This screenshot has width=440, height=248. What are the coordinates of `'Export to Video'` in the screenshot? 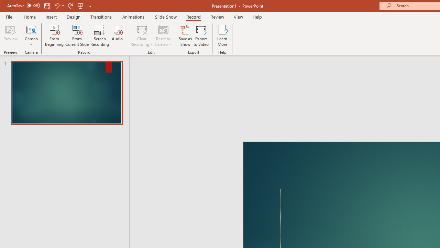 It's located at (201, 35).